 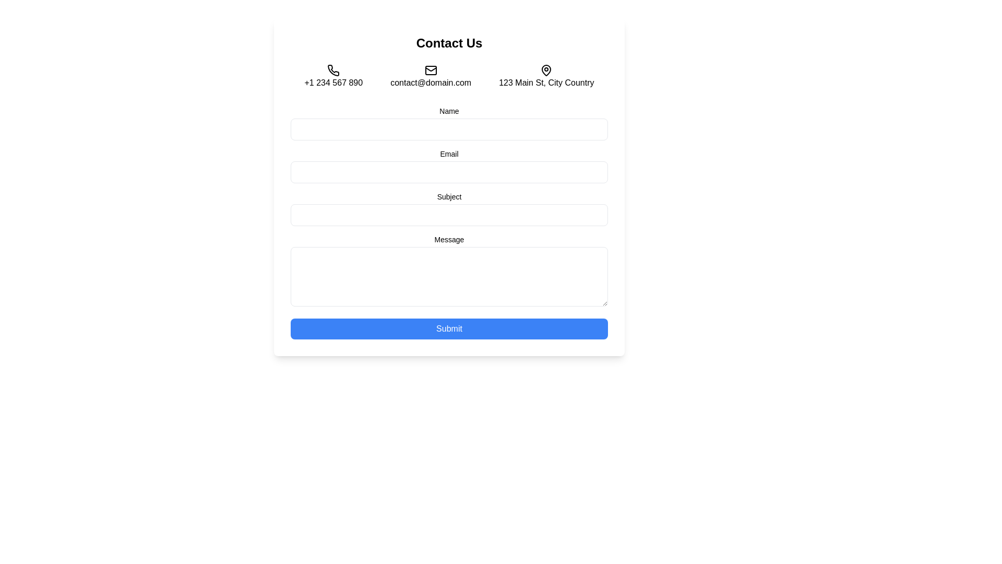 What do you see at coordinates (333, 76) in the screenshot?
I see `the phone icon or the text label displaying the number '+1 234 567 890'` at bounding box center [333, 76].